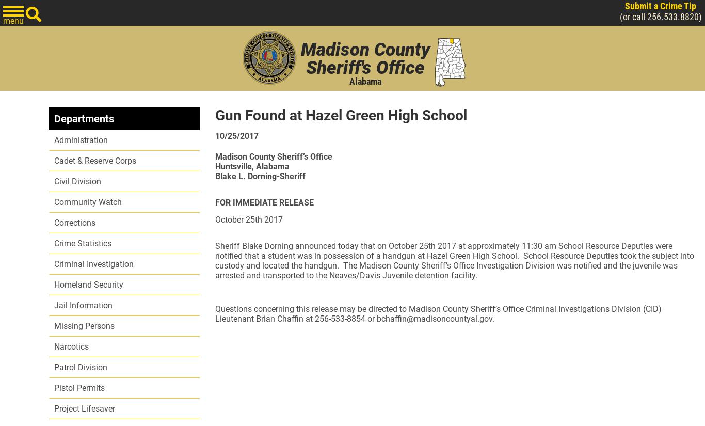  I want to click on 'Homeland Security', so click(88, 285).